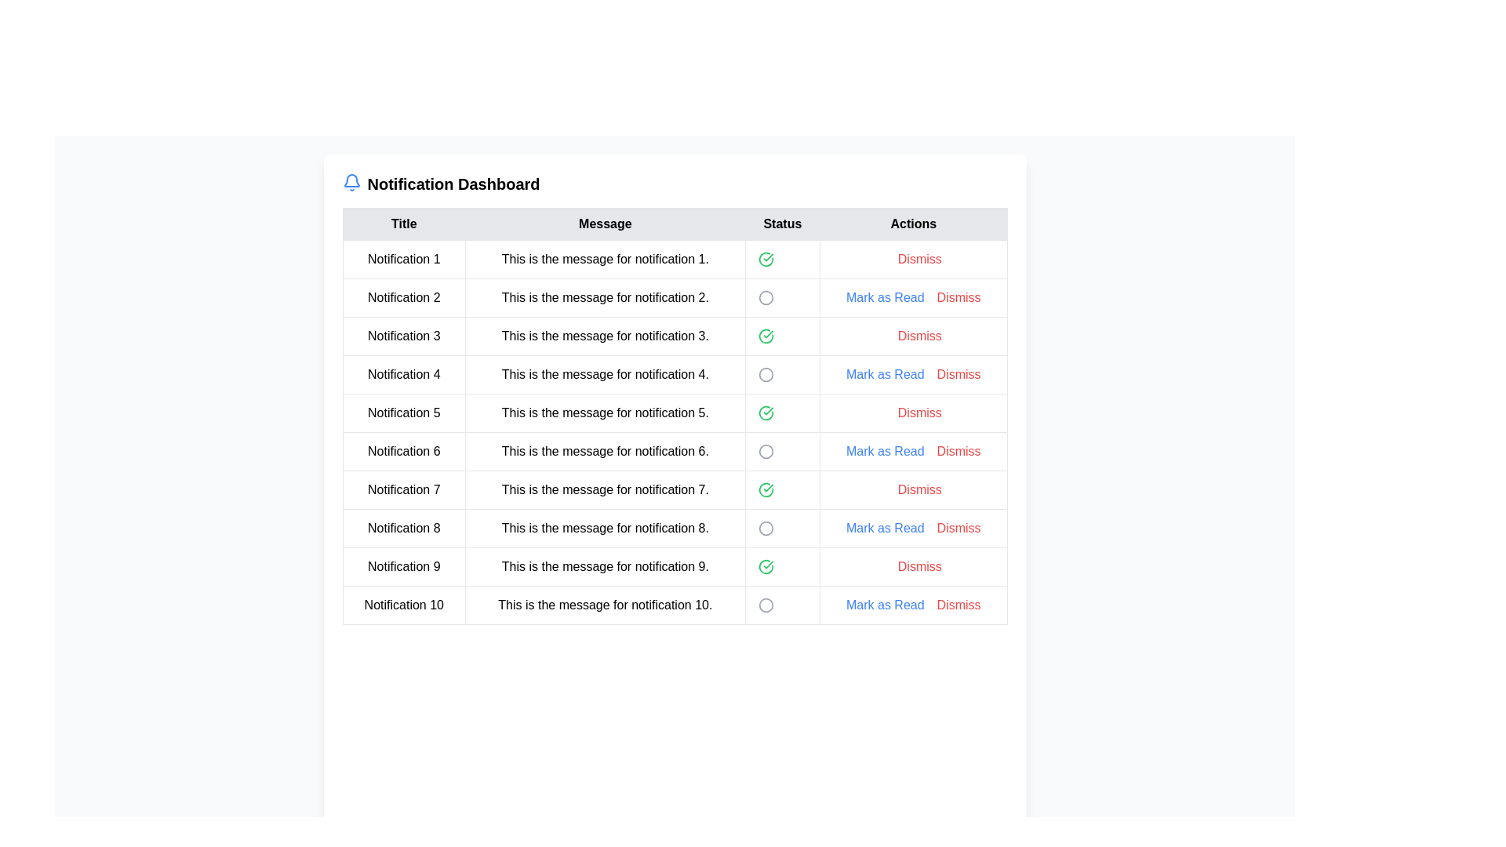 The image size is (1506, 847). Describe the element at coordinates (766, 489) in the screenshot. I see `the status indicator icon that signifies the completion status of 'Notification 7' in the 'Status' column of the table` at that location.